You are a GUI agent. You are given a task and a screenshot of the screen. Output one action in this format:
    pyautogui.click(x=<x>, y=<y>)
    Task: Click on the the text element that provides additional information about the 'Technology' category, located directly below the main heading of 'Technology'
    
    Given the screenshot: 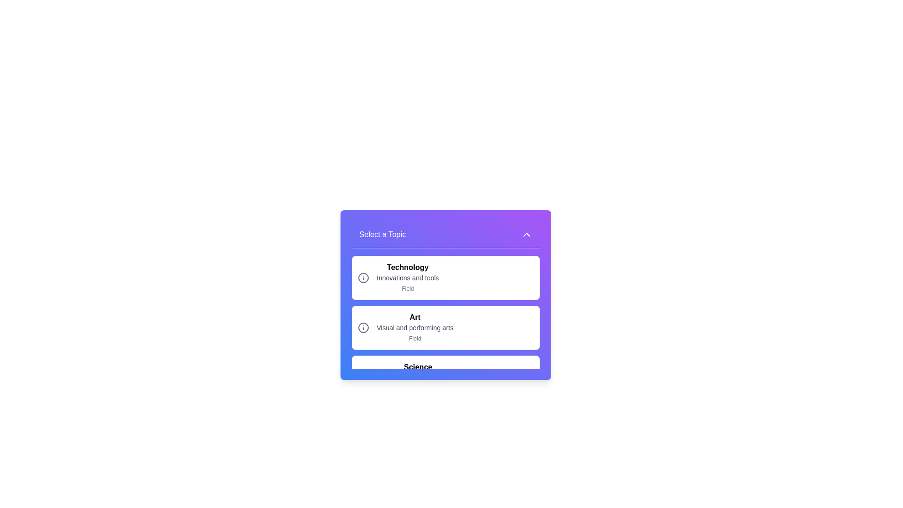 What is the action you would take?
    pyautogui.click(x=408, y=277)
    